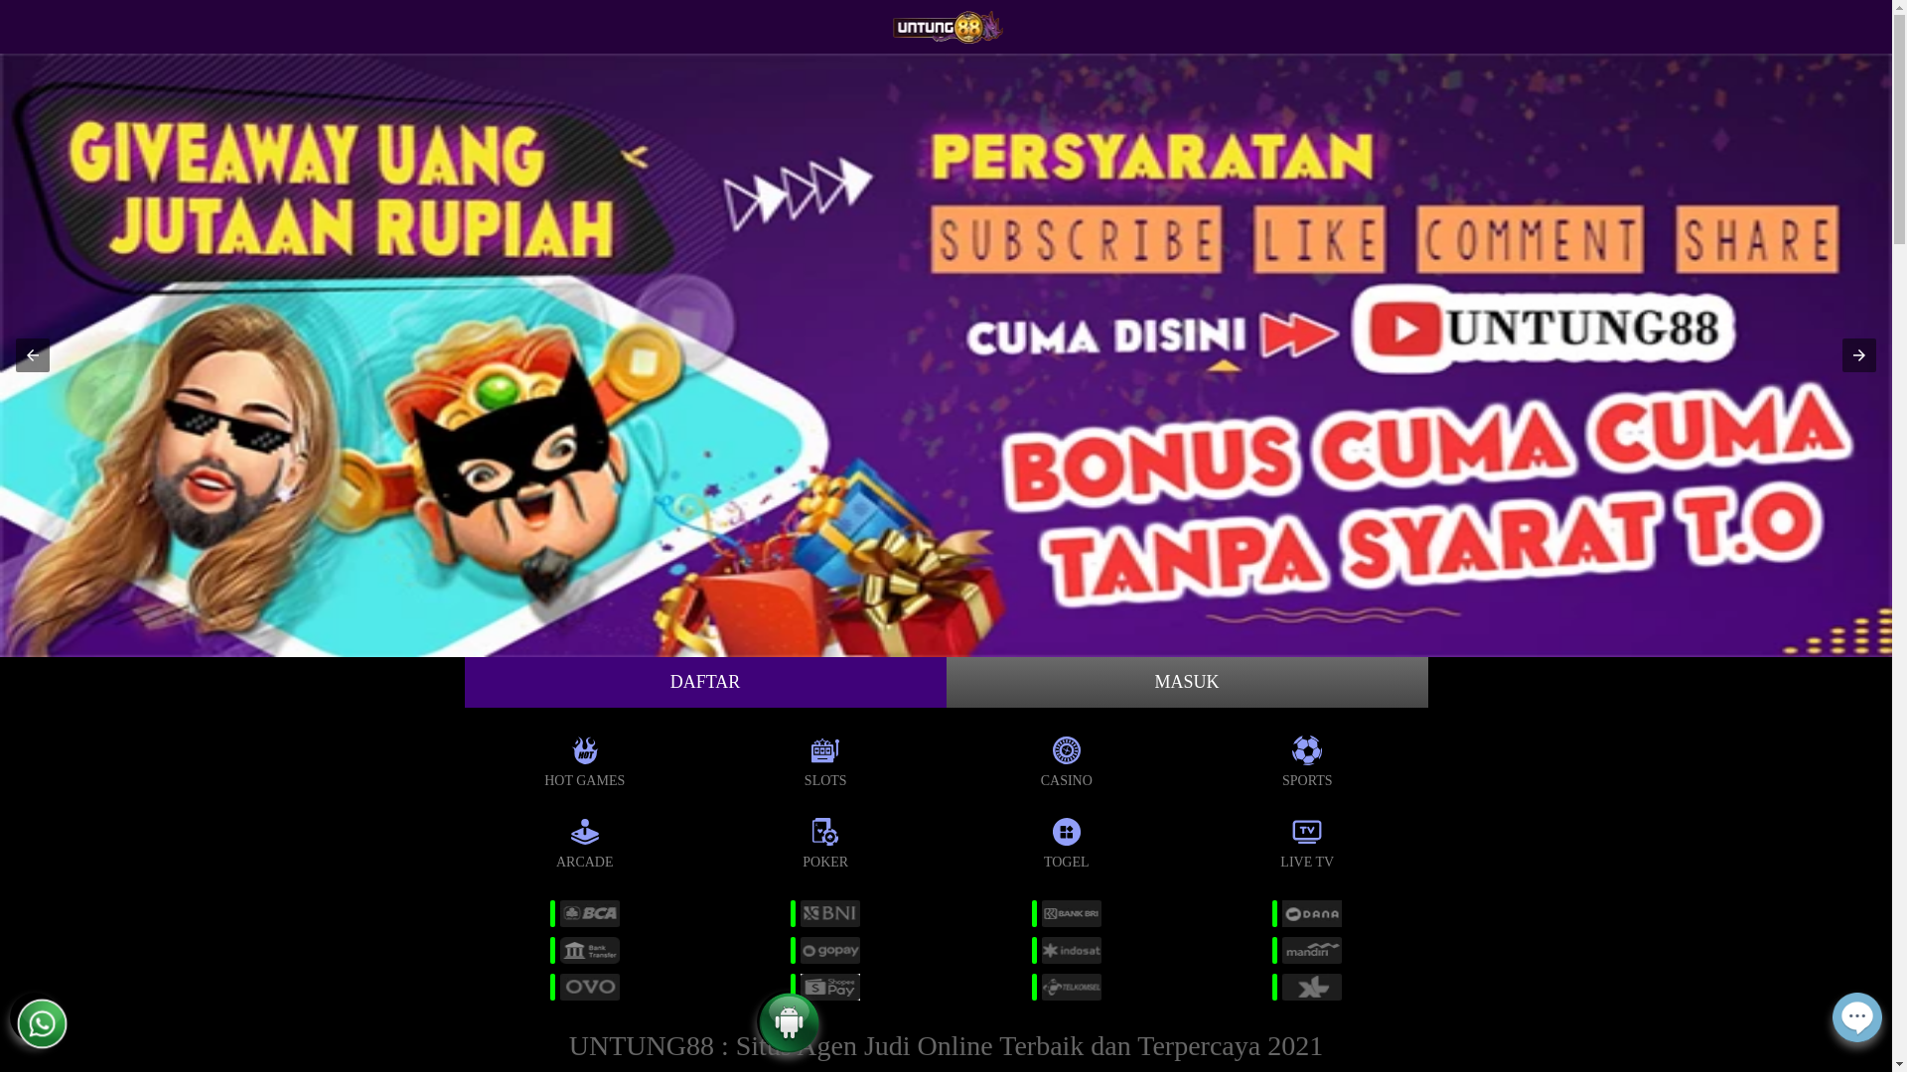 The width and height of the screenshot is (1907, 1072). Describe the element at coordinates (33, 354) in the screenshot. I see `'Previous item in carousel (2 of 3)'` at that location.